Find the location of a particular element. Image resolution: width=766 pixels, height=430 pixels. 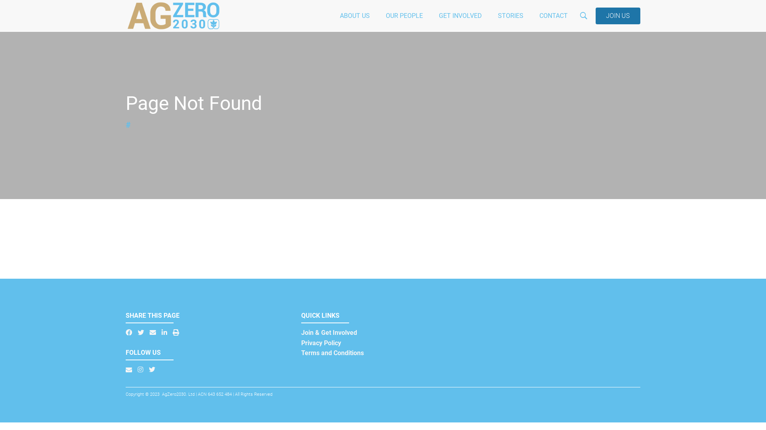

'Email' is located at coordinates (153, 332).